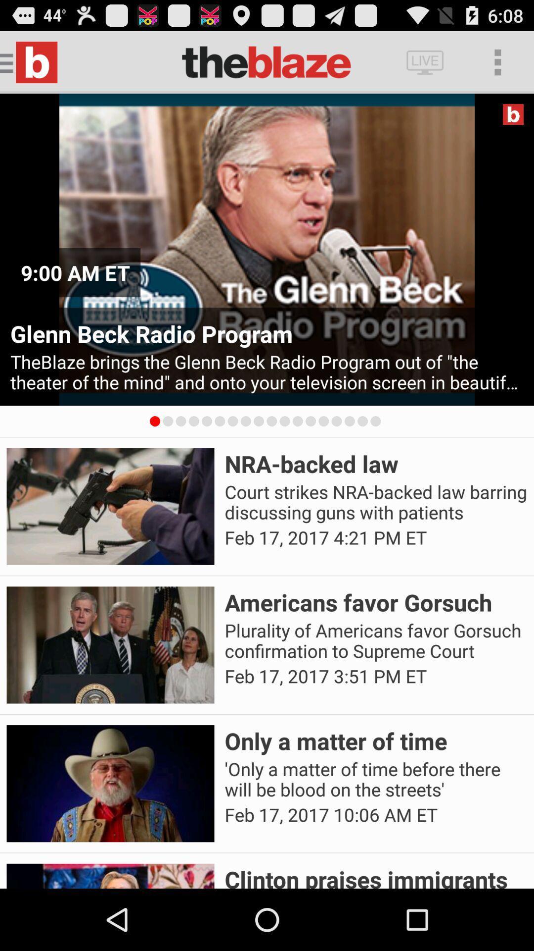  What do you see at coordinates (376, 641) in the screenshot?
I see `plurality of americans item` at bounding box center [376, 641].